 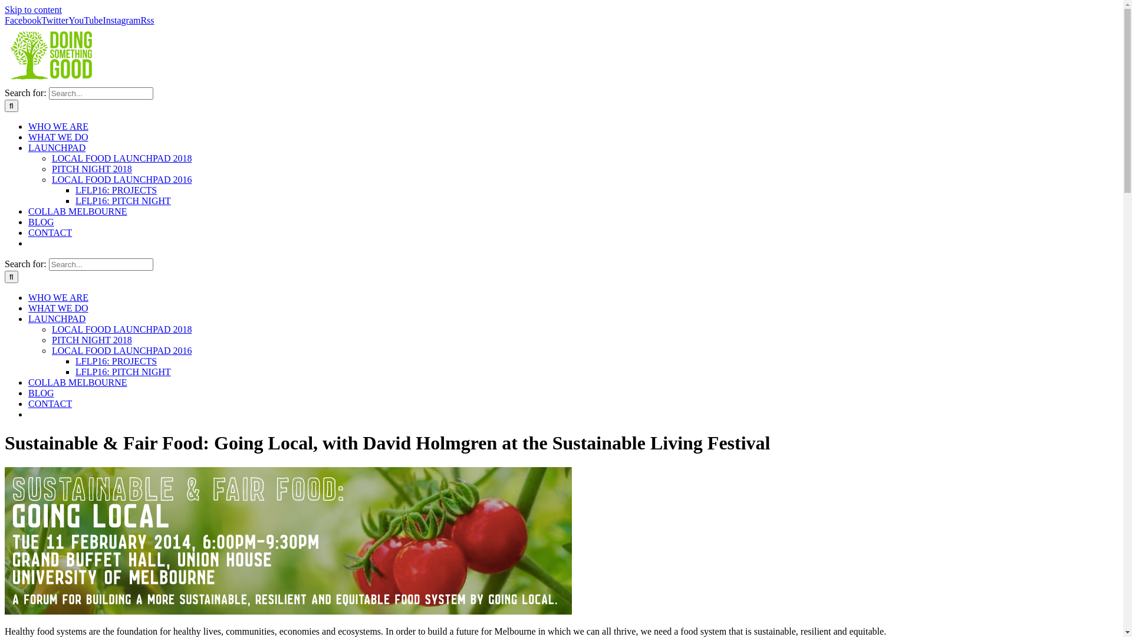 What do you see at coordinates (41, 393) in the screenshot?
I see `'BLOG'` at bounding box center [41, 393].